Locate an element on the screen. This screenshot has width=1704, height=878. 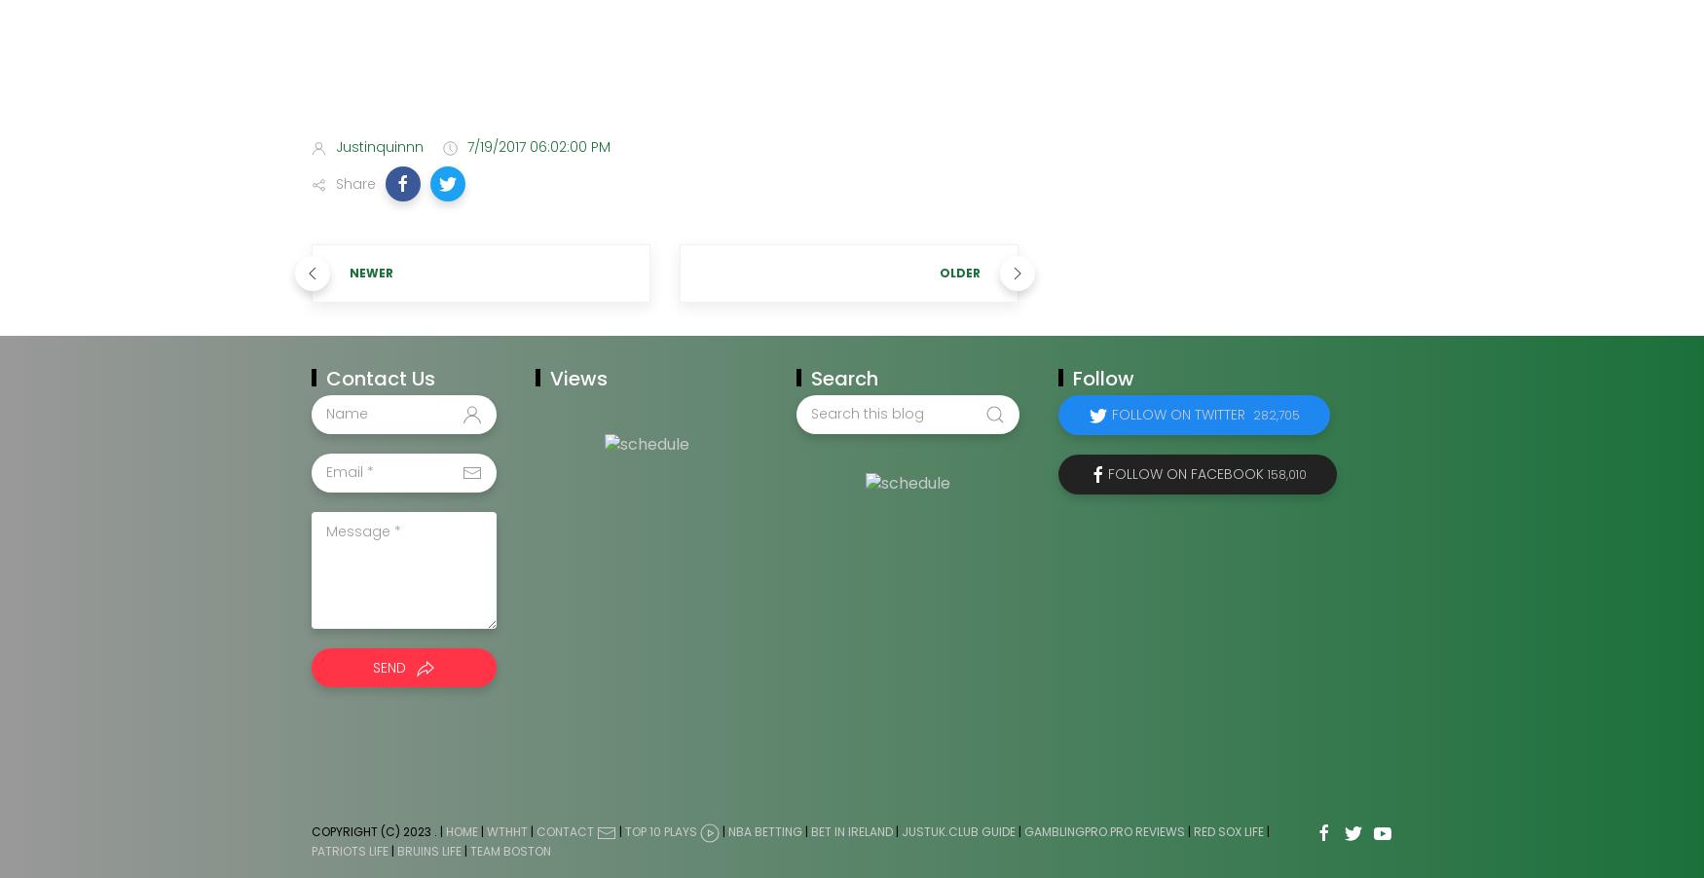
'WTHHT' is located at coordinates (505, 830).